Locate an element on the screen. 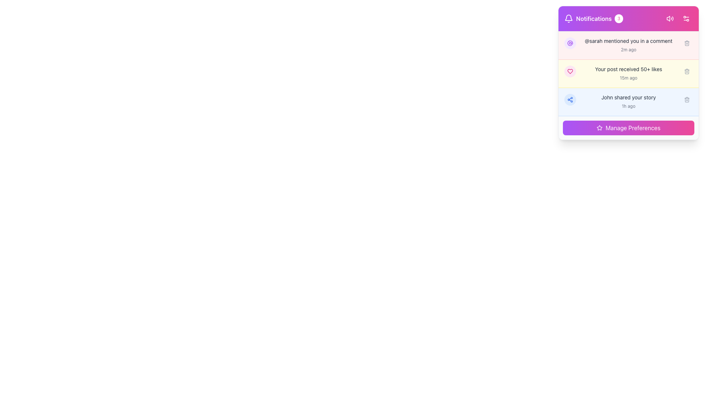 The image size is (705, 396). the notification text label indicating that John shared their story an hour ago, which is located in the third notification entry in the notification list is located at coordinates (628, 102).